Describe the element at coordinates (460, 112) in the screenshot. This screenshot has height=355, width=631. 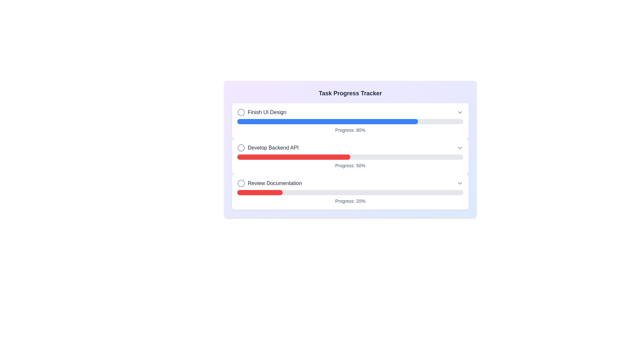
I see `the chevron icon at the right of the 'Finish UI Design' task row` at that location.